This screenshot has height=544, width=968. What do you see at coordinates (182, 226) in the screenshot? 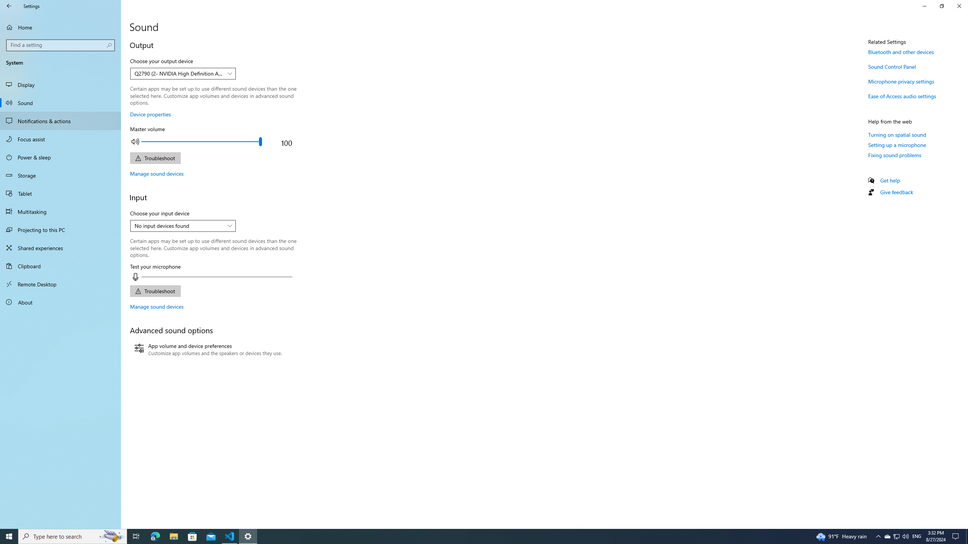
I see `'Choose your input device'` at bounding box center [182, 226].